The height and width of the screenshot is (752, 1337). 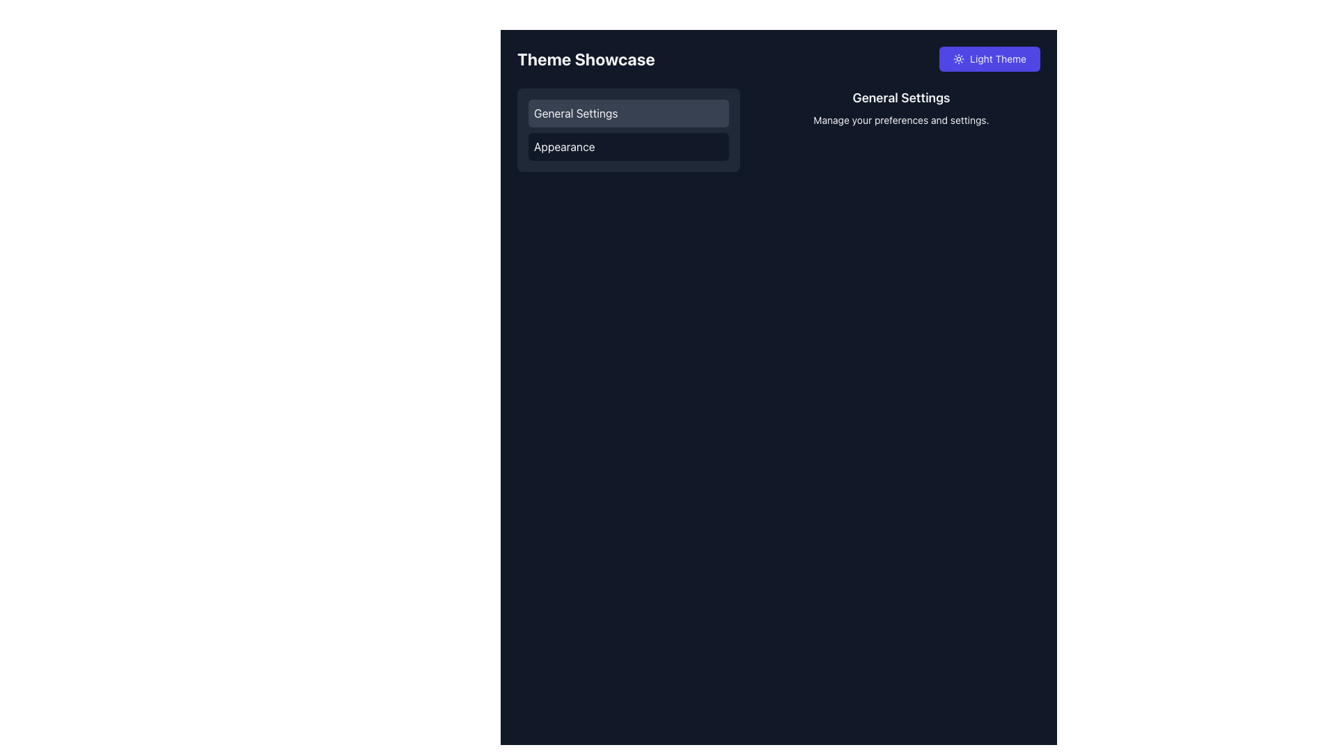 What do you see at coordinates (627, 147) in the screenshot?
I see `the 'Appearance' button located` at bounding box center [627, 147].